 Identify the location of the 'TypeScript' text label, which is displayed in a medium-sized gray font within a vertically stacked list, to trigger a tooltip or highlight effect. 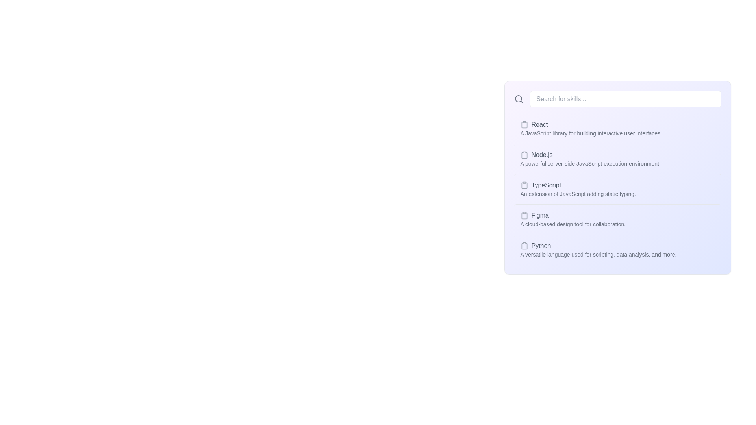
(546, 185).